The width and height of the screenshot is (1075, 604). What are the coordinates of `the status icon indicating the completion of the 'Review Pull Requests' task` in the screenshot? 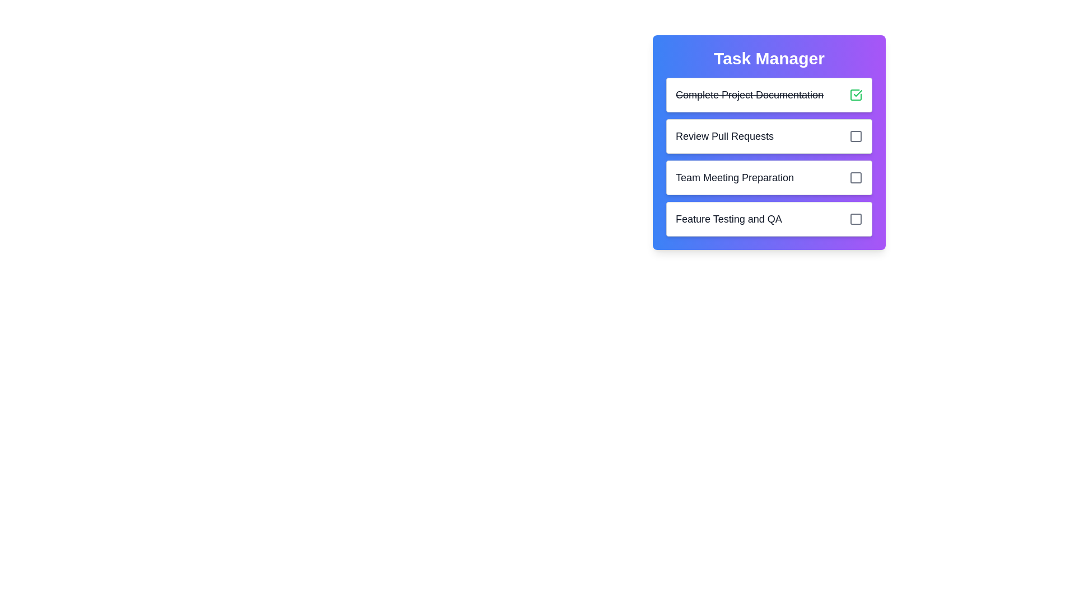 It's located at (856, 135).